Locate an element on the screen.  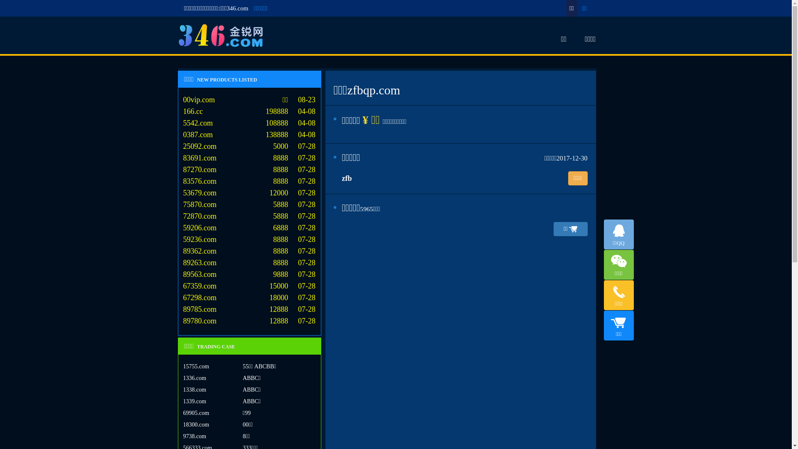
'89563.com 9888 07-28' is located at coordinates (249, 277).